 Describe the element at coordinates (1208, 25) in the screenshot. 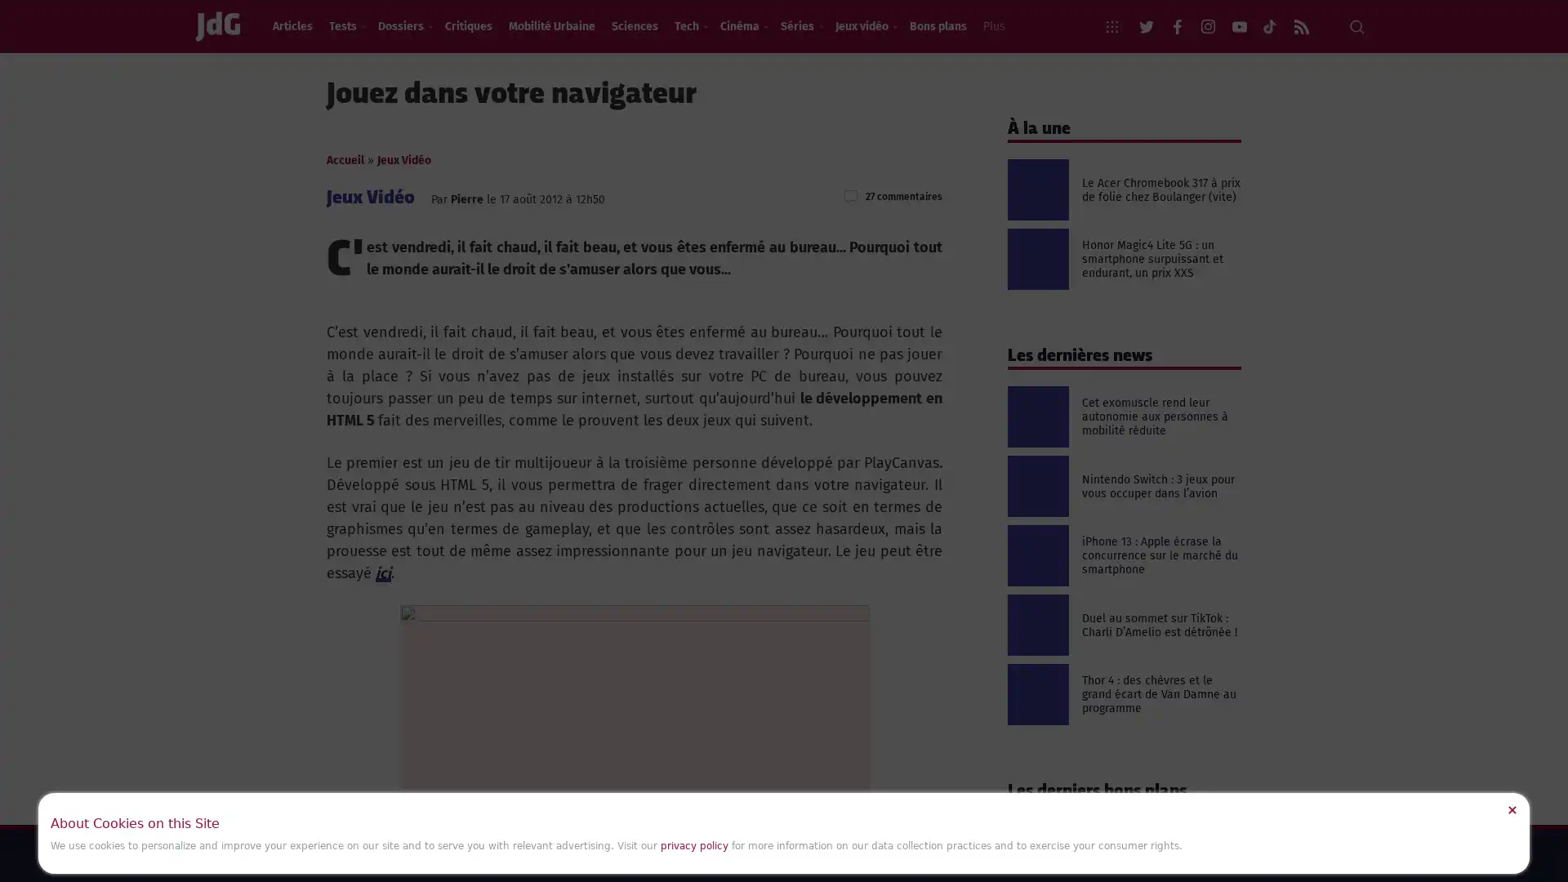

I see `instagram` at that location.